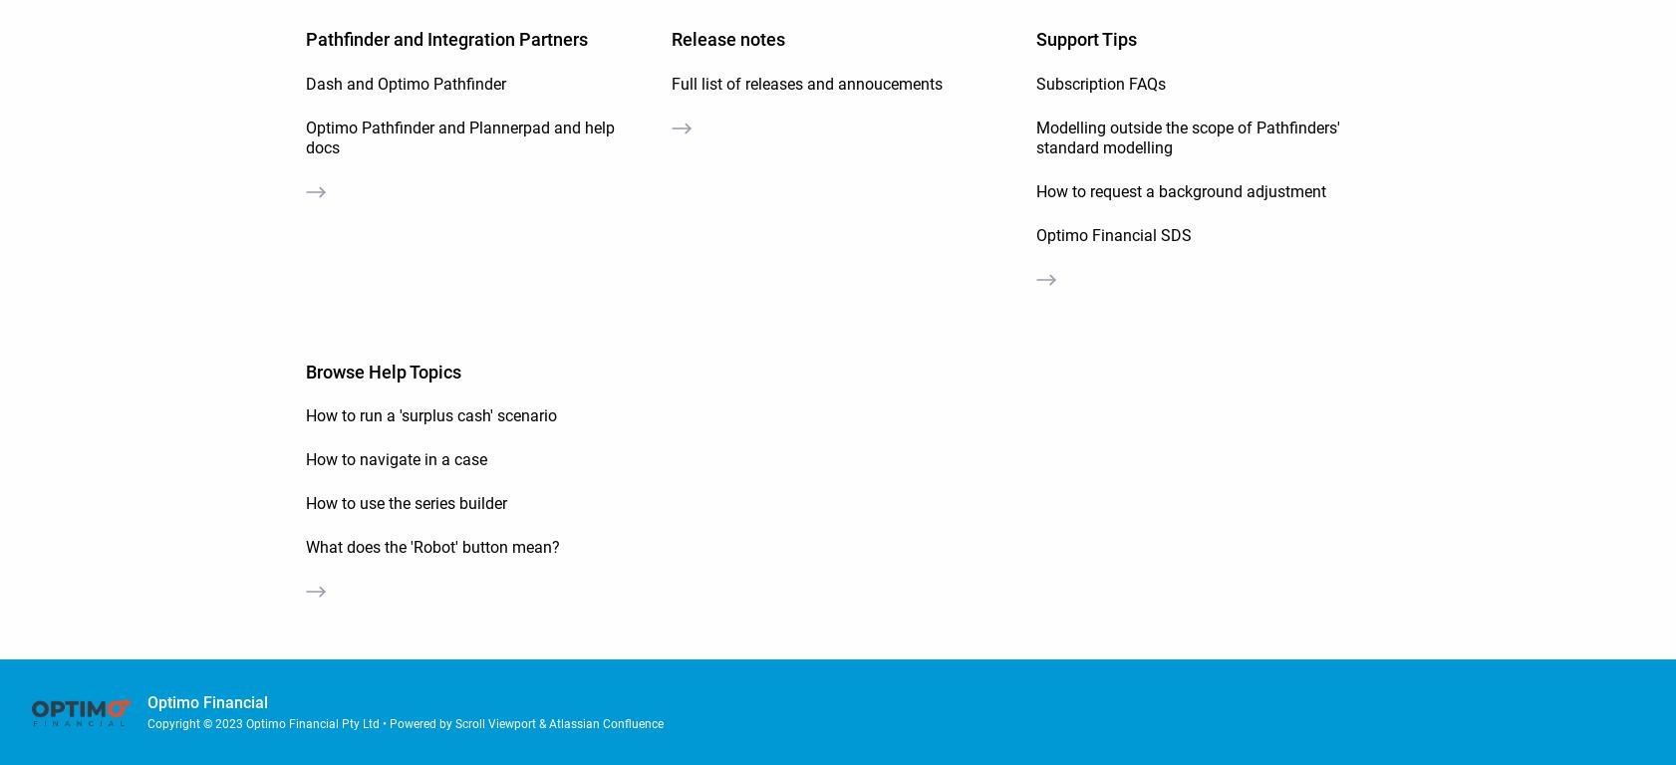  I want to click on 'Atlassian Confluence', so click(549, 721).